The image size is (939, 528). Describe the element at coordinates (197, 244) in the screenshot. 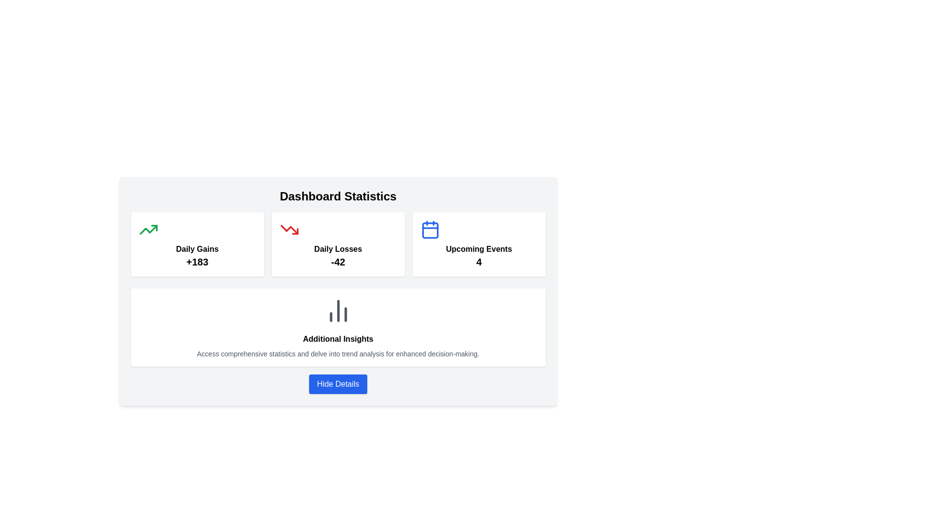

I see `the daily gains value displayed on the first informational card located at the top-left corner of the grid layout` at that location.